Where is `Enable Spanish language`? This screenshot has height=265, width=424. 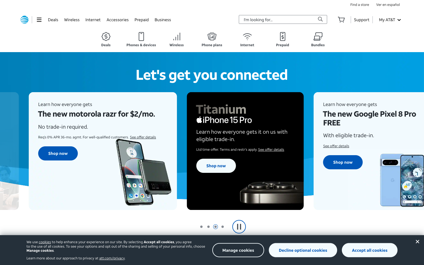 Enable Spanish language is located at coordinates (388, 4).